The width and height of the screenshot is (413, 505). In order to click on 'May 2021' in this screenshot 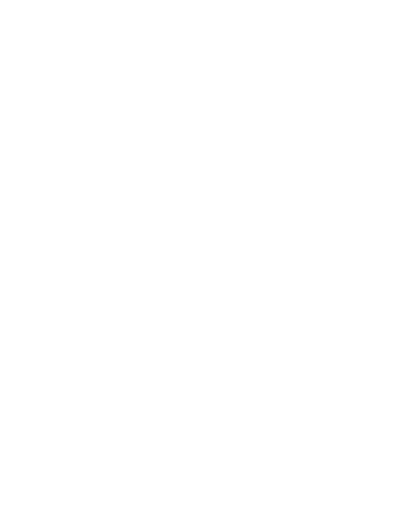, I will do `click(60, 450)`.